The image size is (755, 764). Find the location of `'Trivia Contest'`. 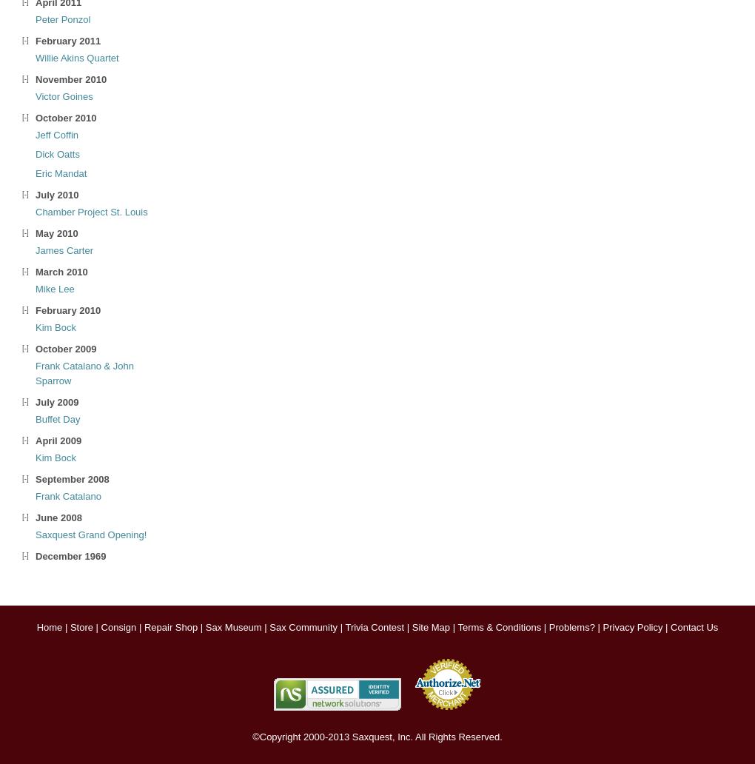

'Trivia Contest' is located at coordinates (375, 626).